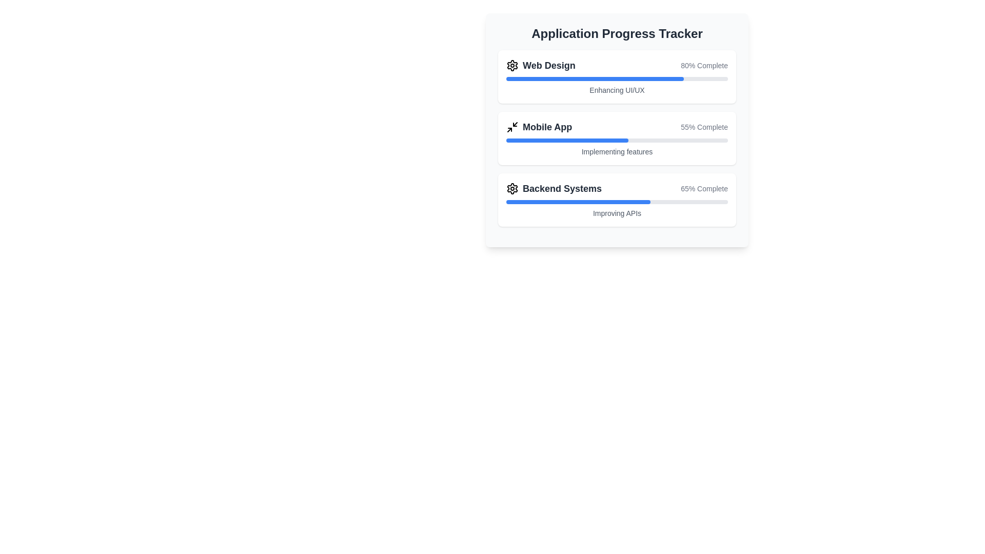 Image resolution: width=985 pixels, height=554 pixels. I want to click on the gear-shaped icon located immediately to the left of the 'Backend Systems' label, so click(512, 188).